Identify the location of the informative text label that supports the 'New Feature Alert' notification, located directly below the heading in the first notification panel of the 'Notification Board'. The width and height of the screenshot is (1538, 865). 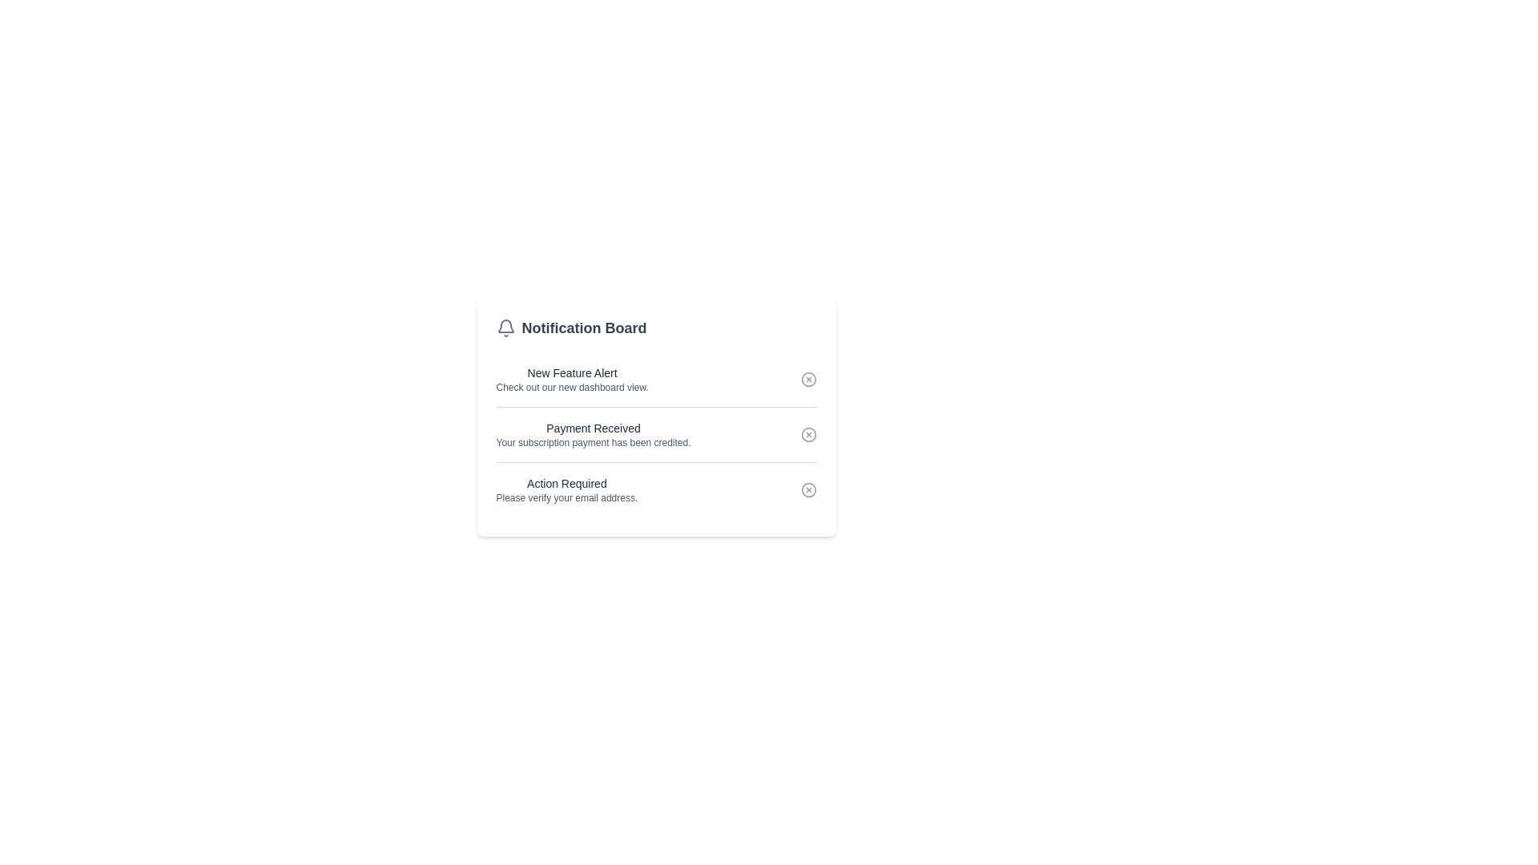
(572, 387).